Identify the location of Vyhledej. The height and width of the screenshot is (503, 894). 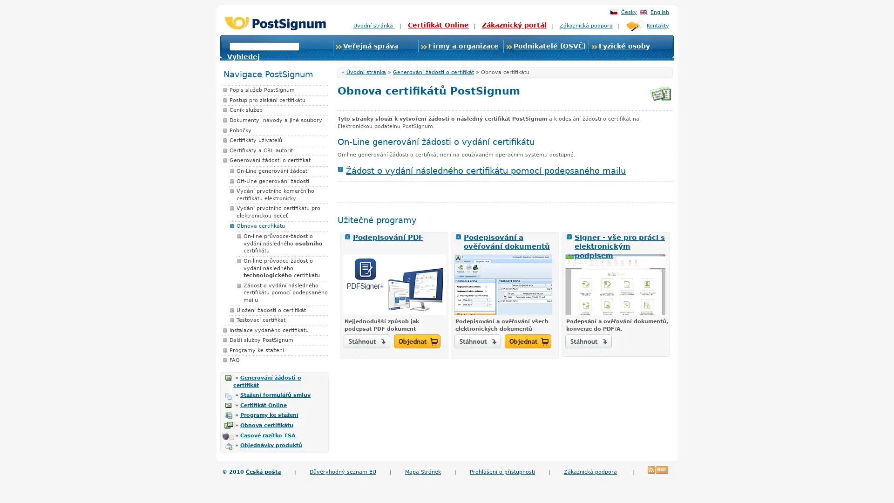
(244, 57).